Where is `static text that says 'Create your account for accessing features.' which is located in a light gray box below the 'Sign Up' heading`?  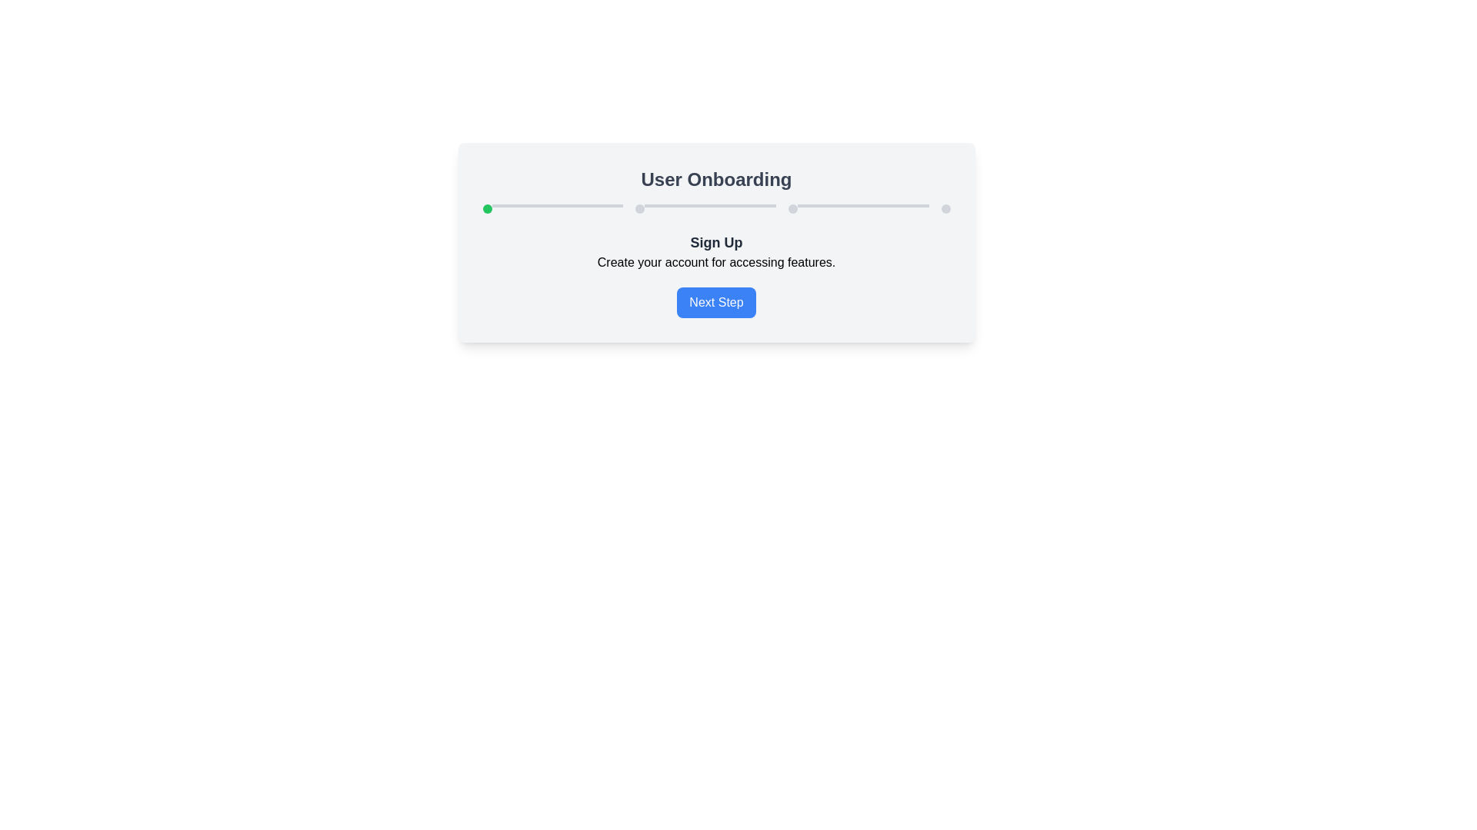
static text that says 'Create your account for accessing features.' which is located in a light gray box below the 'Sign Up' heading is located at coordinates (715, 262).